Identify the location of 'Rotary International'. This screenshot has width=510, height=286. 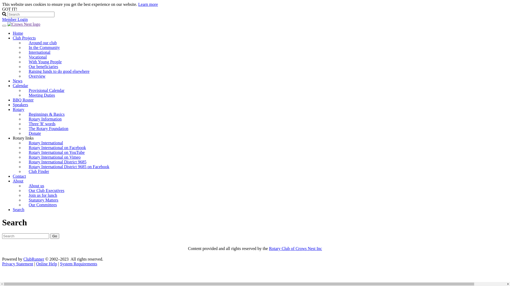
(46, 142).